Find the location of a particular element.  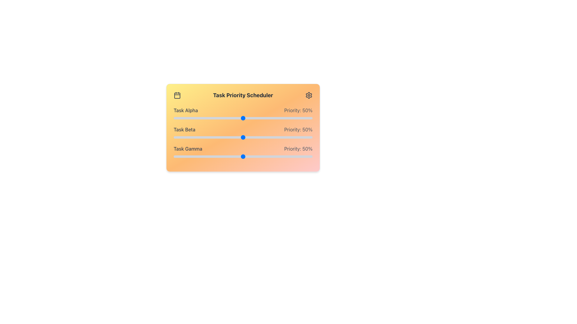

task priority is located at coordinates (253, 118).